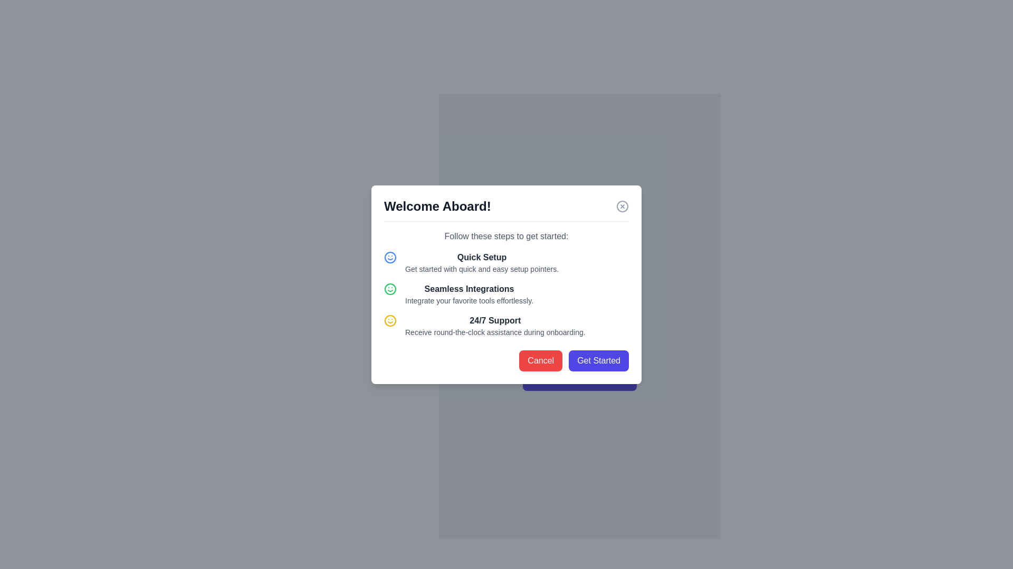 The width and height of the screenshot is (1013, 569). I want to click on the descriptive text label that provides information about the '24/7 Support' option, which is located under the heading '24/7 Support' in the dialog box, so click(494, 332).